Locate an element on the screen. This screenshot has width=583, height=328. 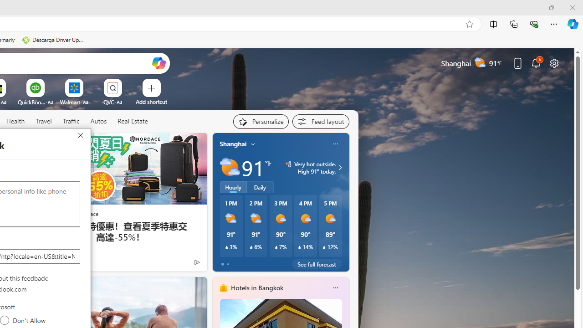
'Traffic' is located at coordinates (71, 121).